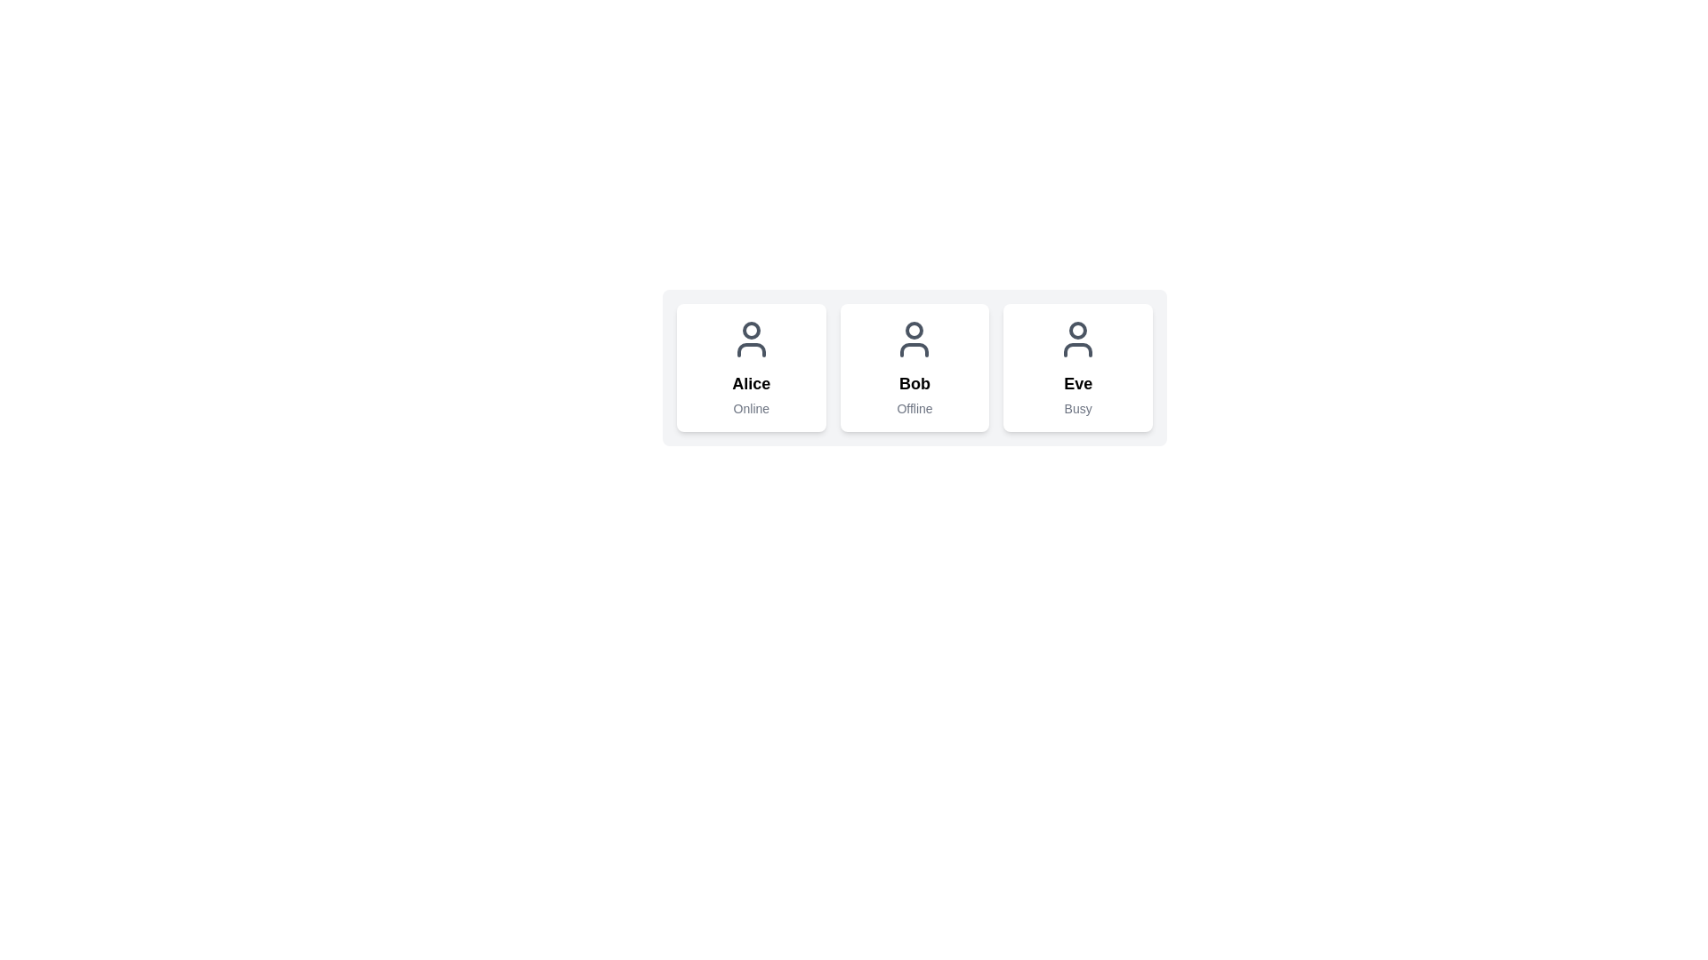  Describe the element at coordinates (751, 339) in the screenshot. I see `the user icon at the top center of the card labeled 'Alice' with the status 'Online', which is the first card in a horizontal list` at that location.